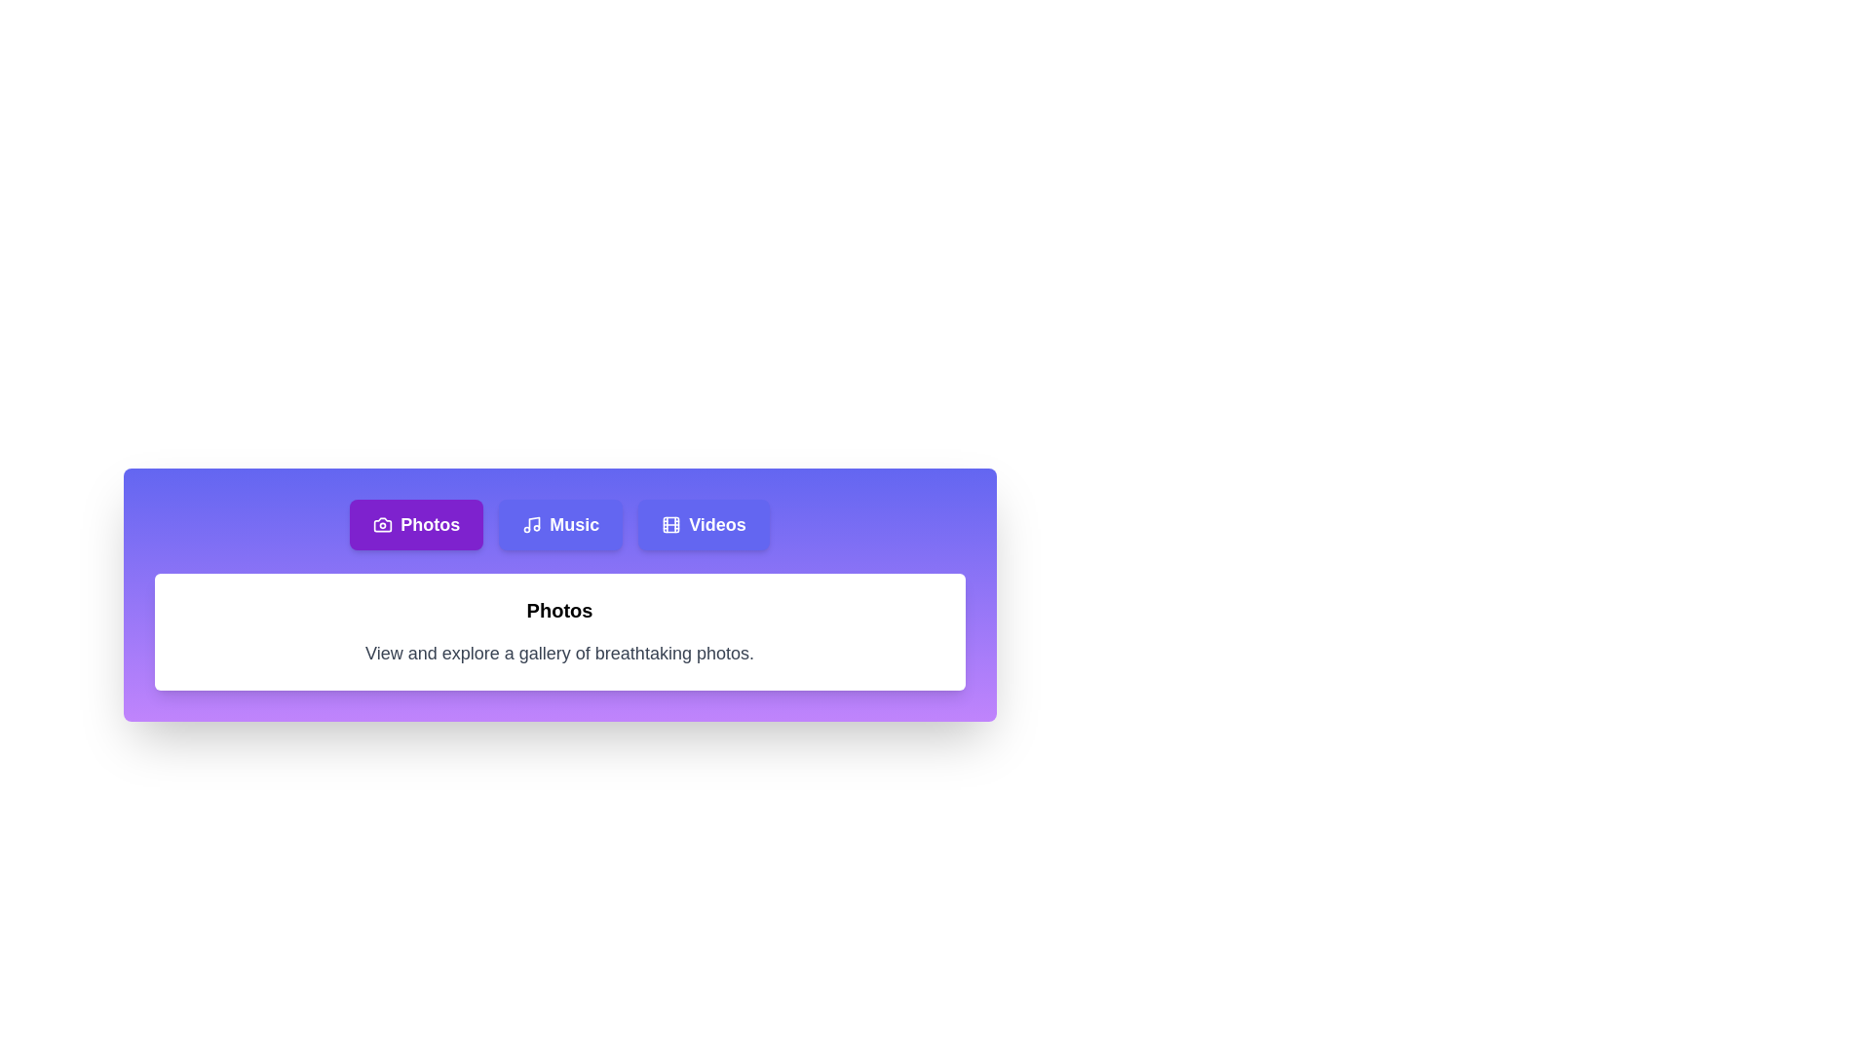 This screenshot has height=1052, width=1871. What do you see at coordinates (559, 524) in the screenshot?
I see `the Music tab to analyze its transition effect` at bounding box center [559, 524].